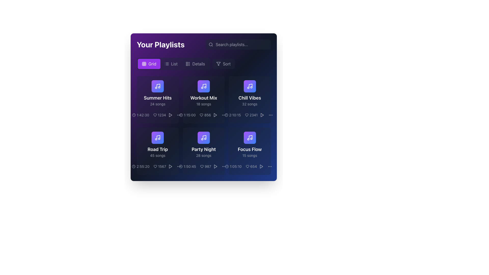 This screenshot has width=489, height=275. What do you see at coordinates (171, 63) in the screenshot?
I see `the toggle button in the top control panel` at bounding box center [171, 63].